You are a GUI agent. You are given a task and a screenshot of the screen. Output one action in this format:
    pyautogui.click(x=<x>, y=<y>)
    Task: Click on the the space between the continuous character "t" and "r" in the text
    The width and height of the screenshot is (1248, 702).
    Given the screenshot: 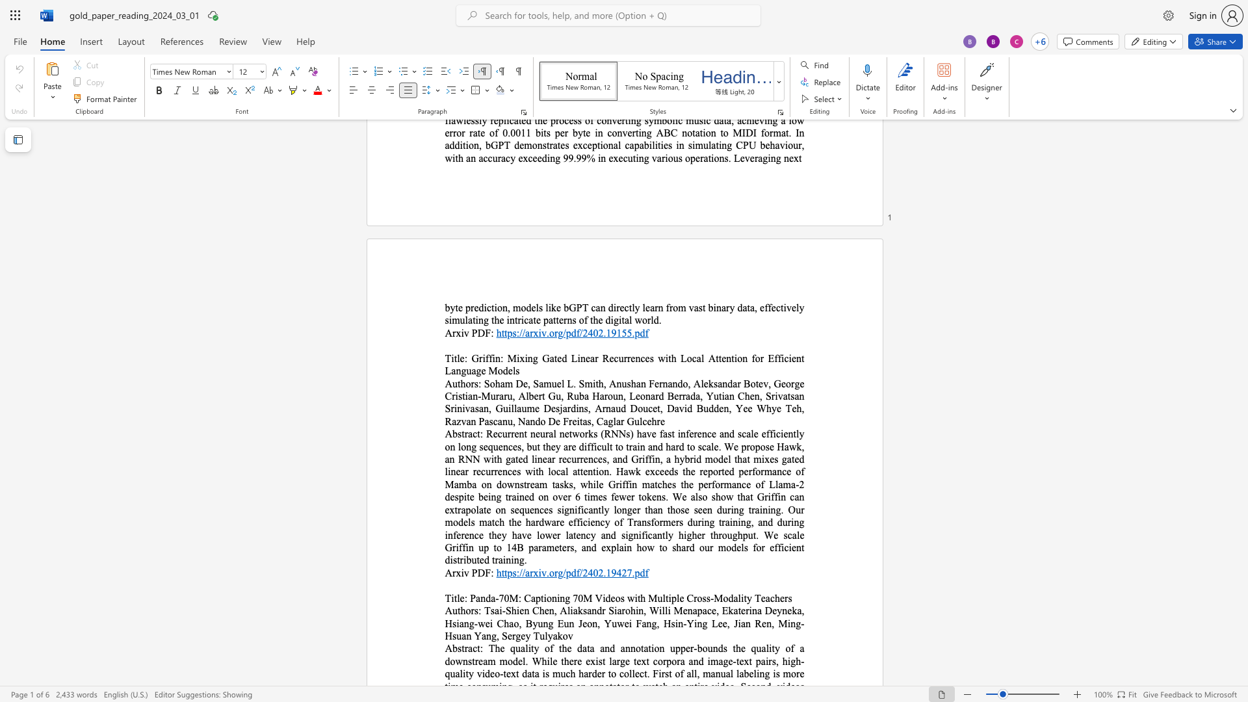 What is the action you would take?
    pyautogui.click(x=465, y=648)
    